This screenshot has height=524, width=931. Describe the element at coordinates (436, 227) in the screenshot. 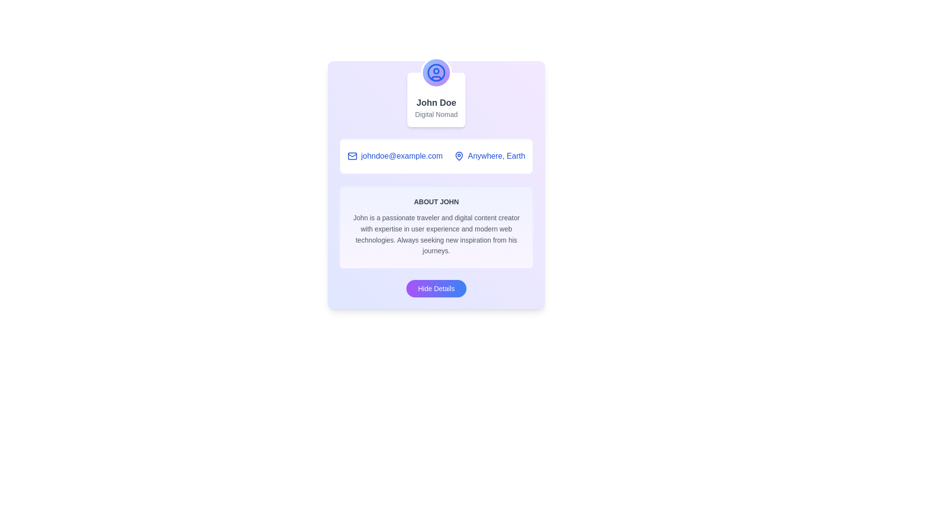

I see `text section that provides additional information about John, which is located below the email address and location, and is the third section within the card layout` at that location.